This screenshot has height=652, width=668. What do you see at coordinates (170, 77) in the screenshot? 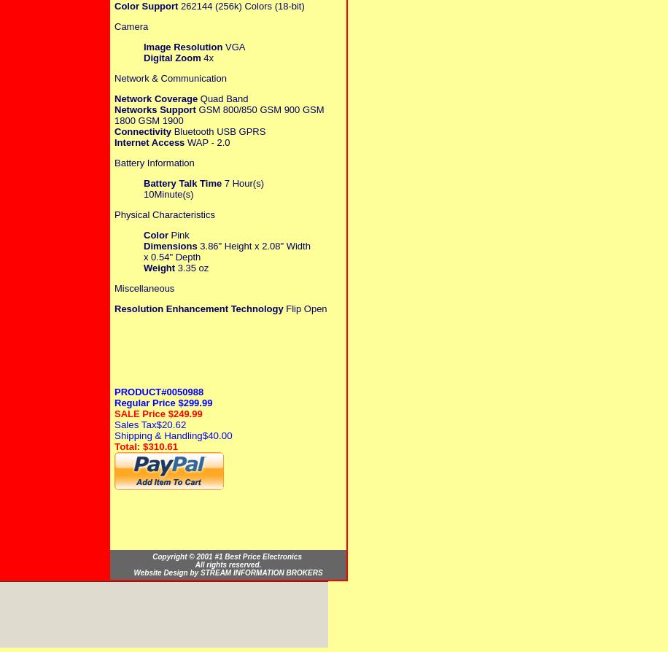
I see `'Network & Communication'` at bounding box center [170, 77].